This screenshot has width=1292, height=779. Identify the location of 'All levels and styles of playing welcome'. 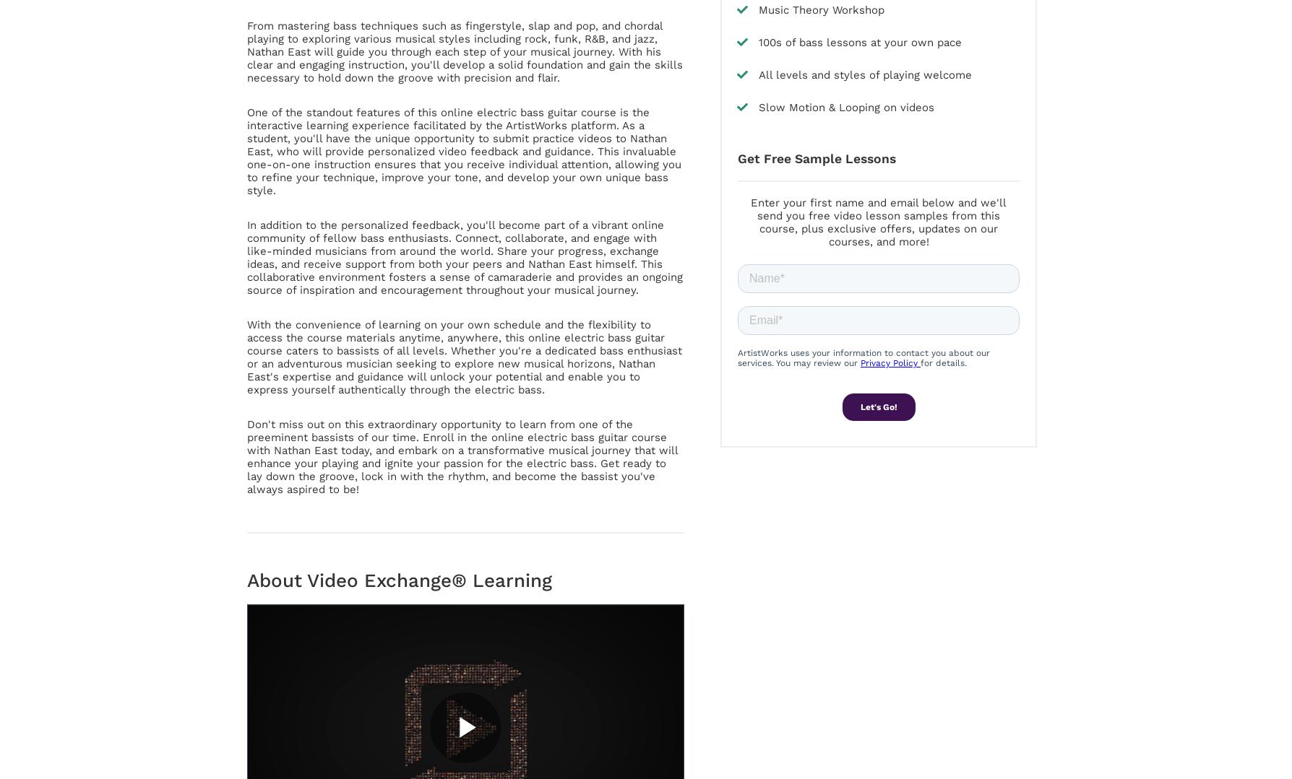
(864, 75).